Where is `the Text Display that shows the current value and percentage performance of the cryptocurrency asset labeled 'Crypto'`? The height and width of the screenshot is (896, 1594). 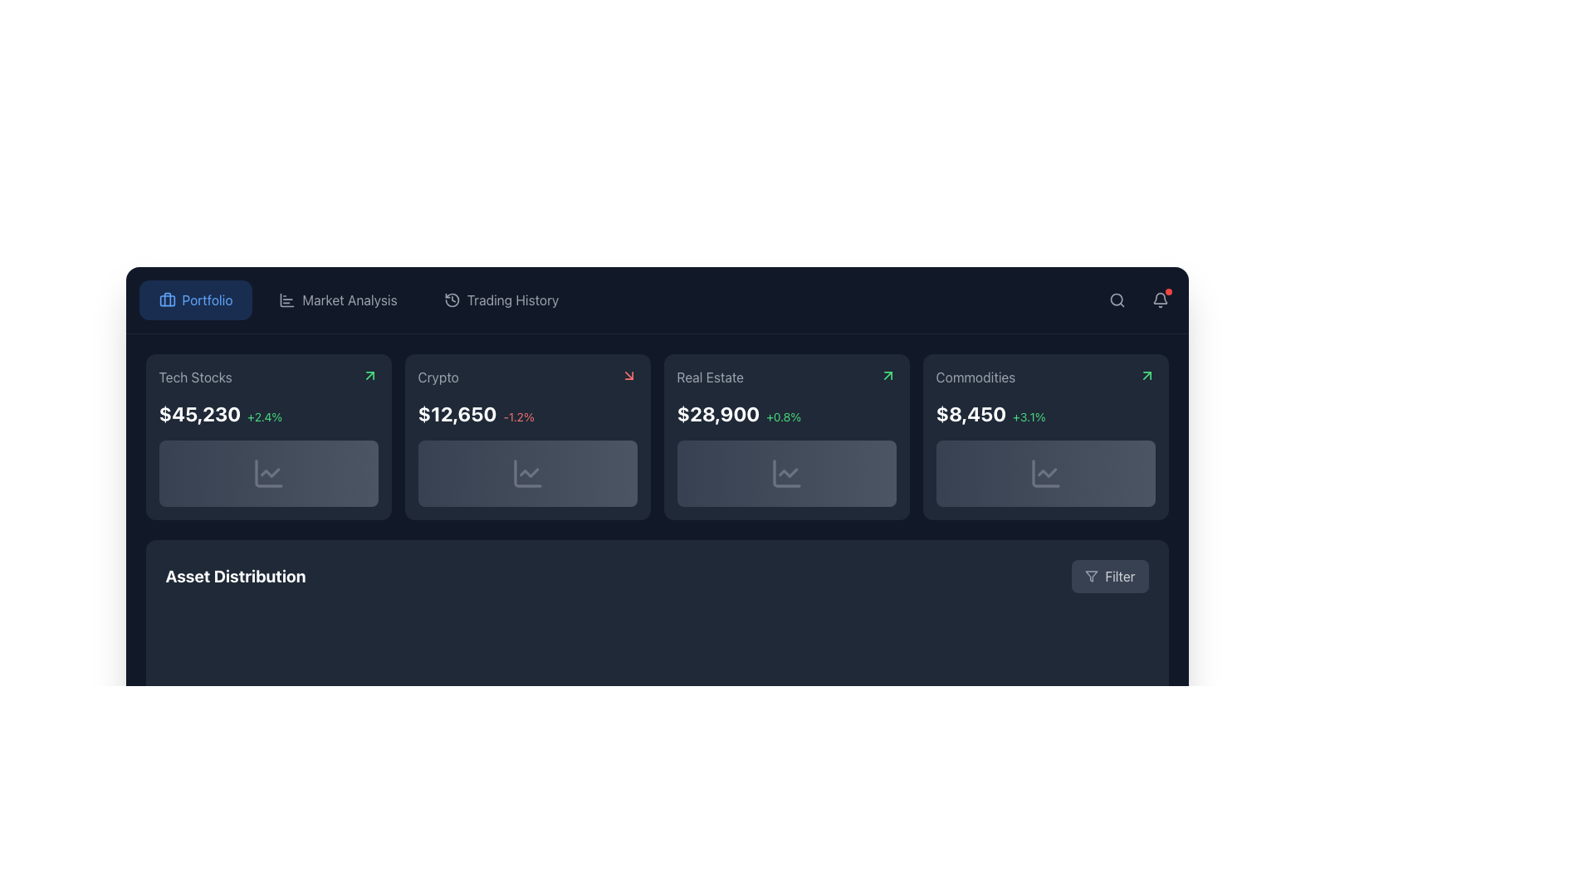 the Text Display that shows the current value and percentage performance of the cryptocurrency asset labeled 'Crypto' is located at coordinates (526, 412).